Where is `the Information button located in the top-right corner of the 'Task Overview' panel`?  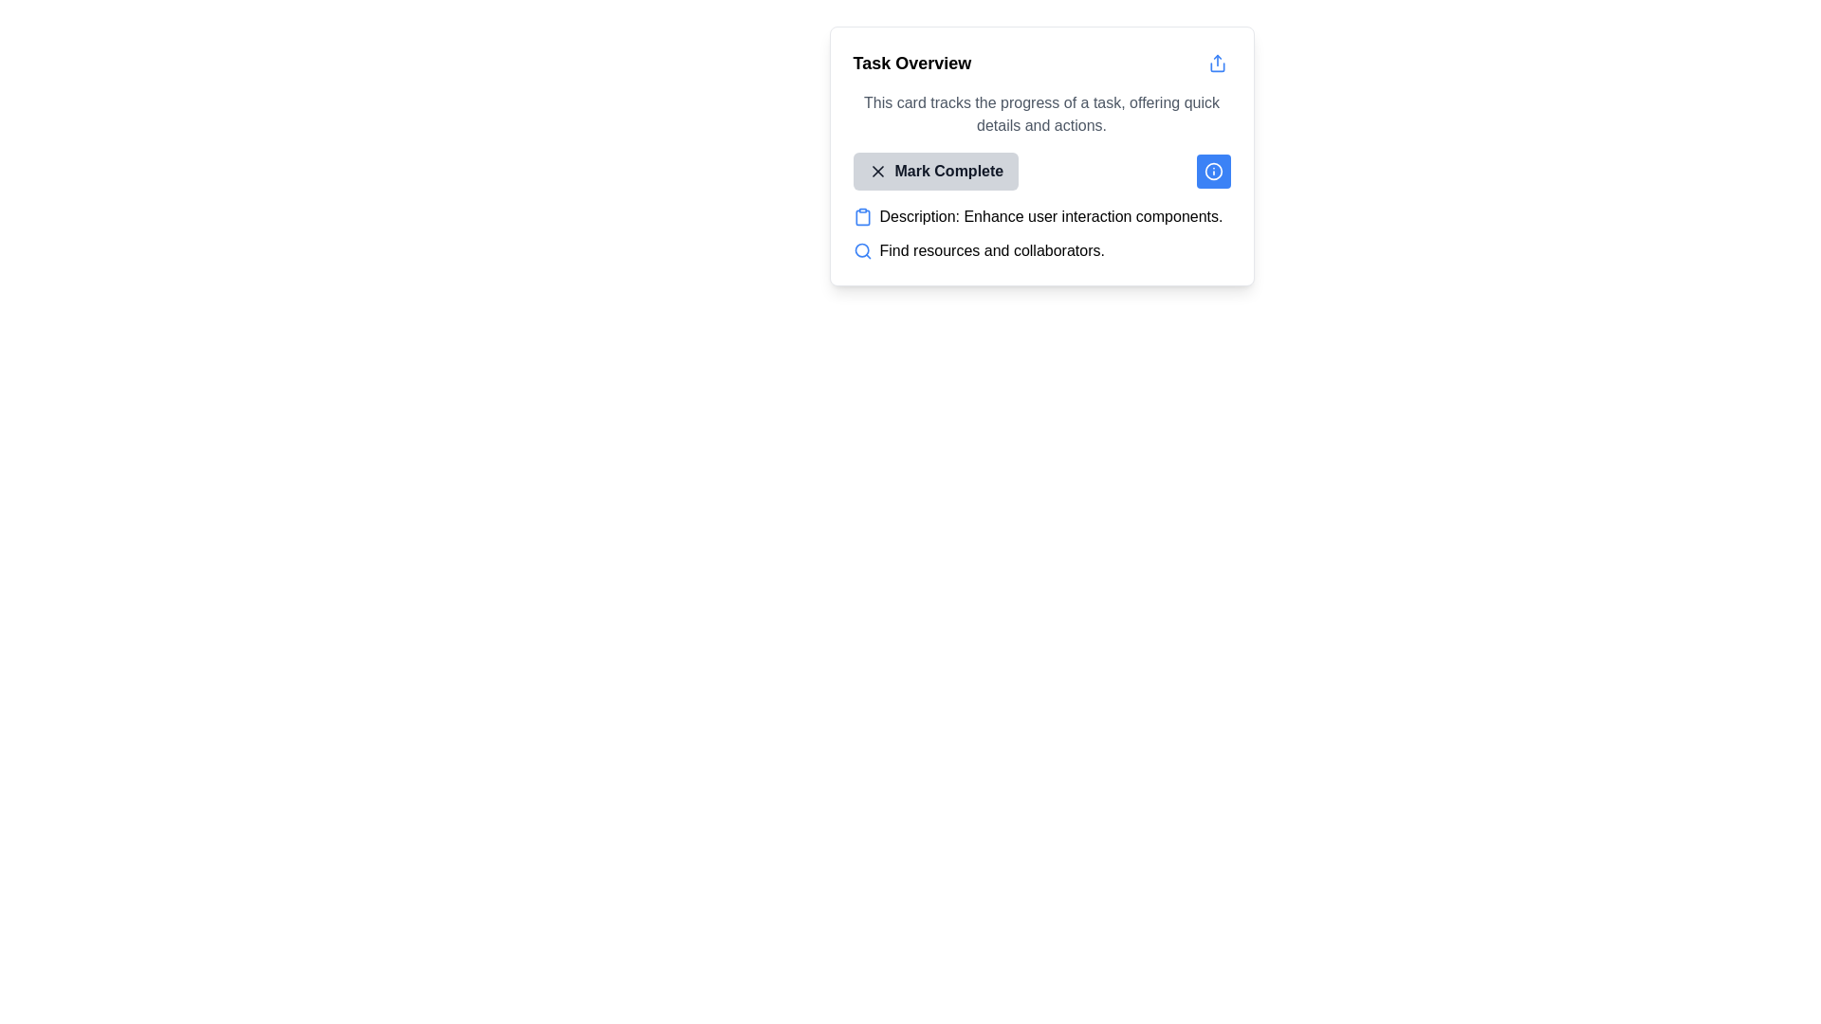
the Information button located in the top-right corner of the 'Task Overview' panel is located at coordinates (1212, 172).